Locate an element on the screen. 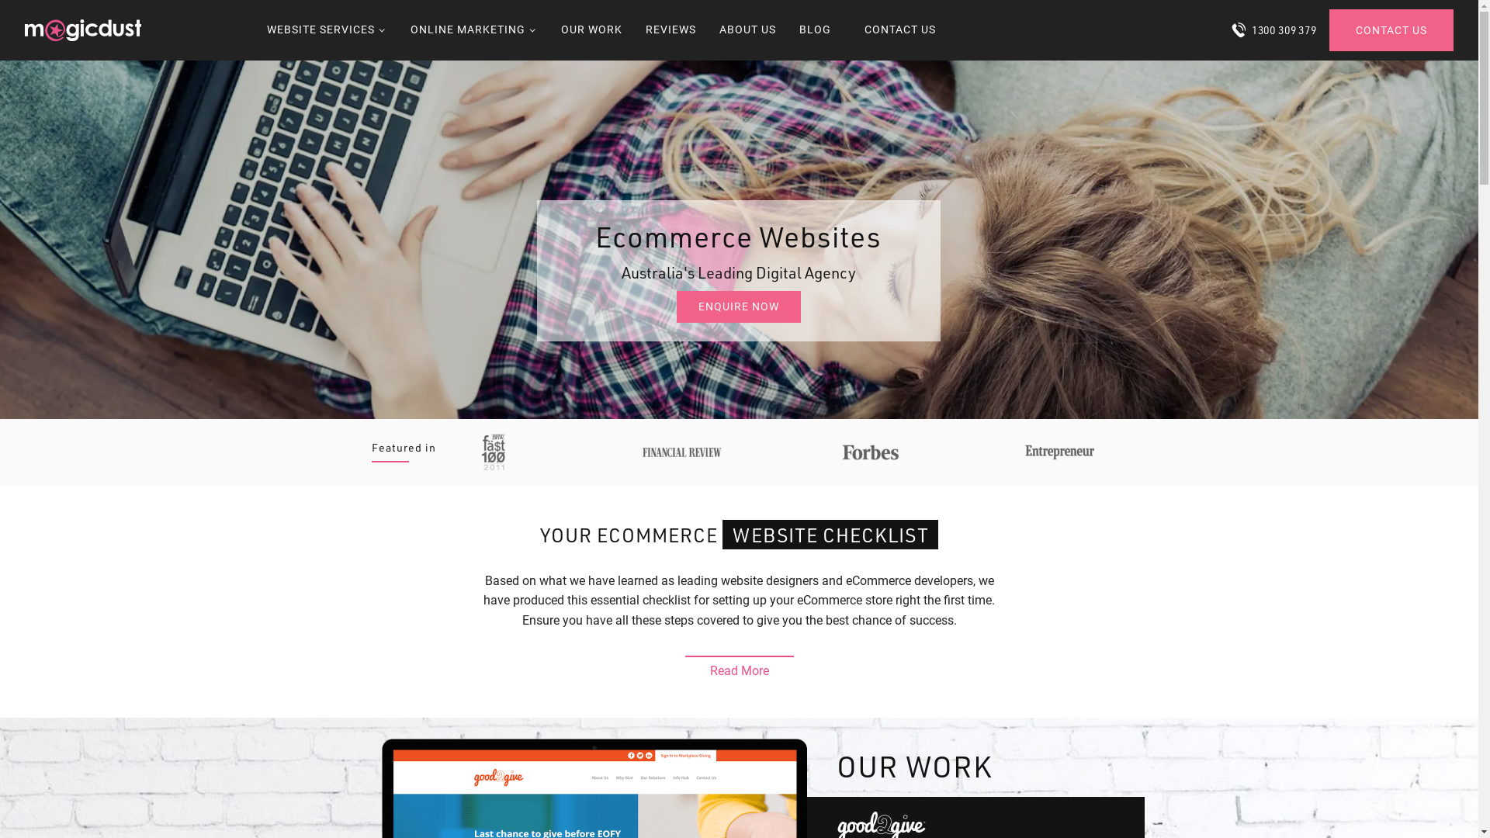  'CONTACT US' is located at coordinates (1391, 29).